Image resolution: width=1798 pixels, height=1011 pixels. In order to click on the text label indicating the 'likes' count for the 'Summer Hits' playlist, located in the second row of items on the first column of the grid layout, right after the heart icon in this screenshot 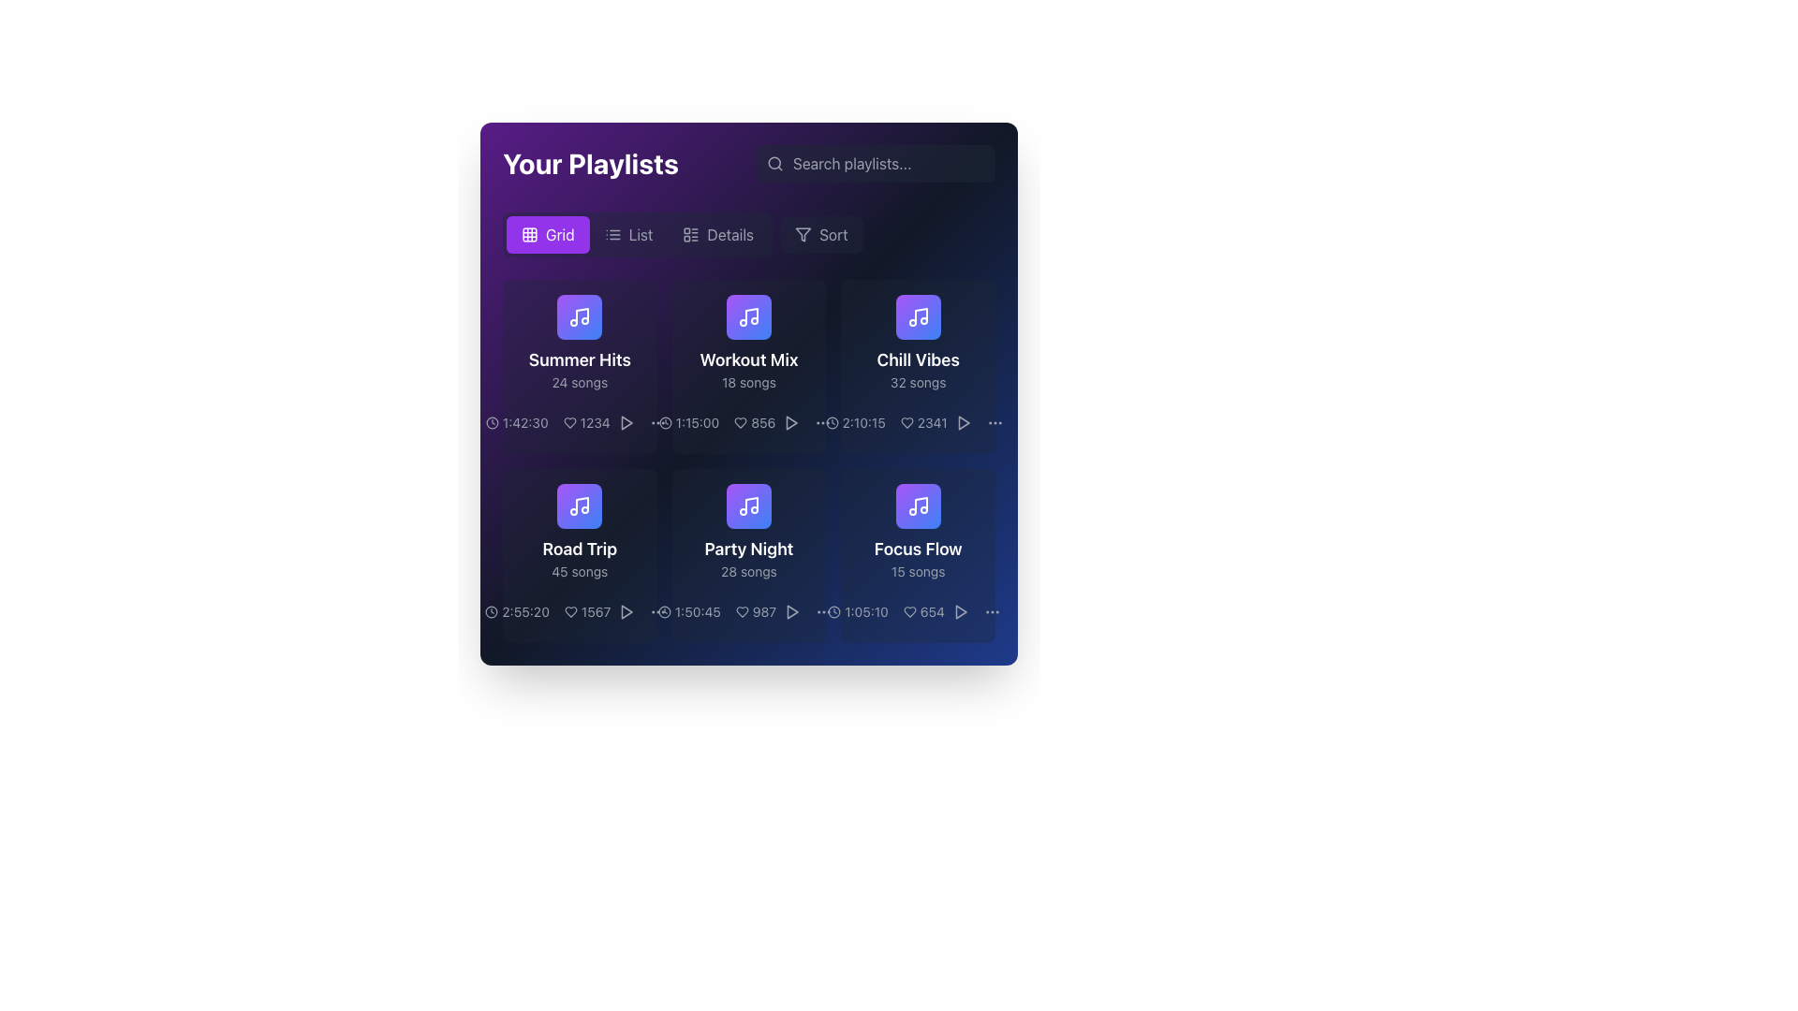, I will do `click(585, 422)`.